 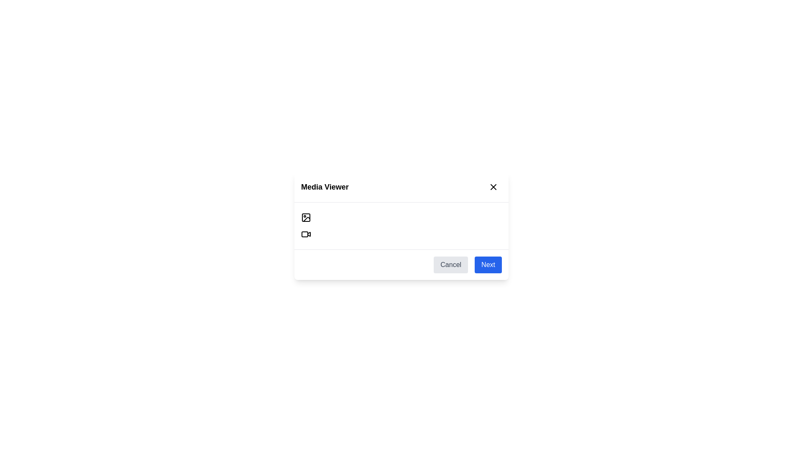 What do you see at coordinates (494, 187) in the screenshot?
I see `the 'X' icon in the top-right corner of the dialog box to visualize any hover effect` at bounding box center [494, 187].